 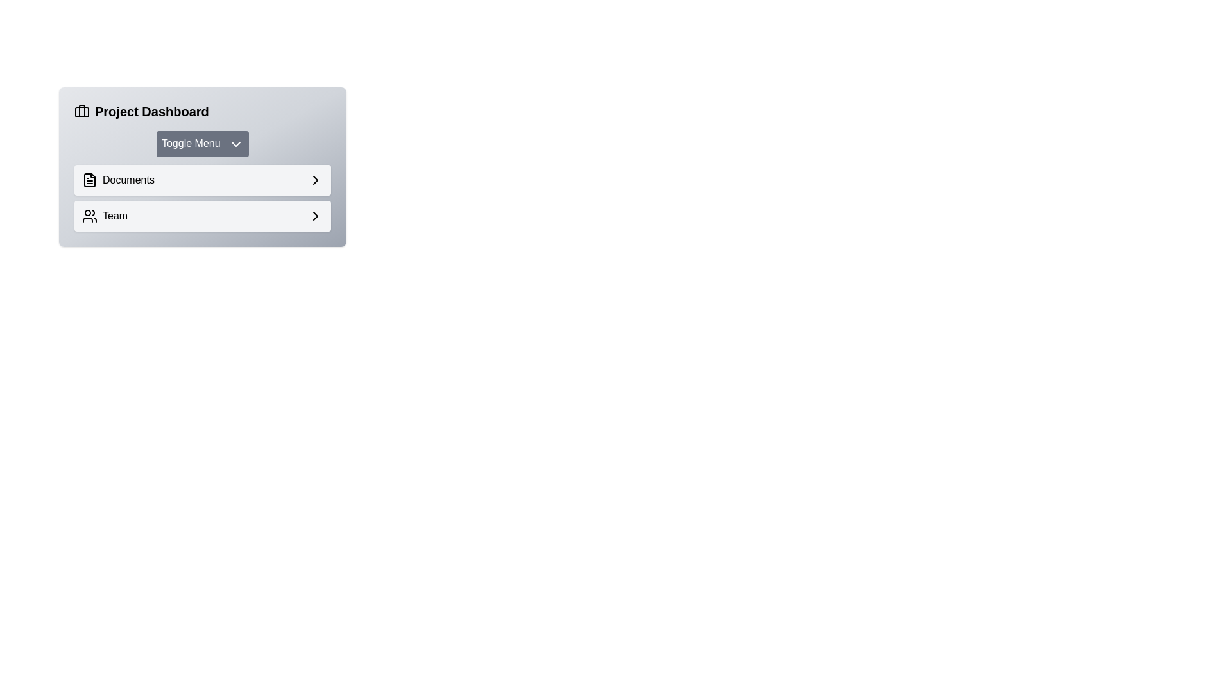 I want to click on the right-facing chevron icon adjacent to the 'Documents' label in the 'Project Dashboard' to trigger tooltip or visual feedback, so click(x=315, y=180).